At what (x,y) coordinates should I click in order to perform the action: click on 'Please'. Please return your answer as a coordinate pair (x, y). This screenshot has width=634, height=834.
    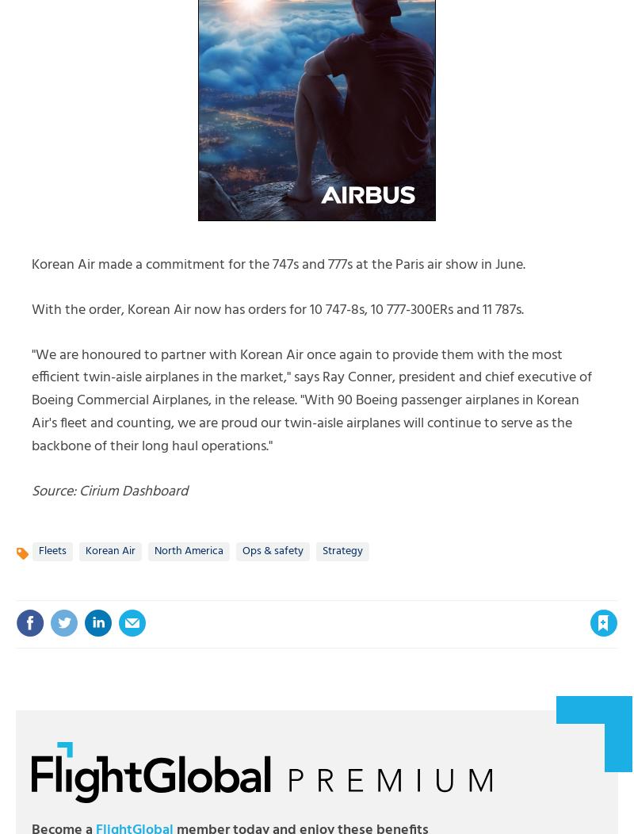
    Looking at the image, I should click on (386, 589).